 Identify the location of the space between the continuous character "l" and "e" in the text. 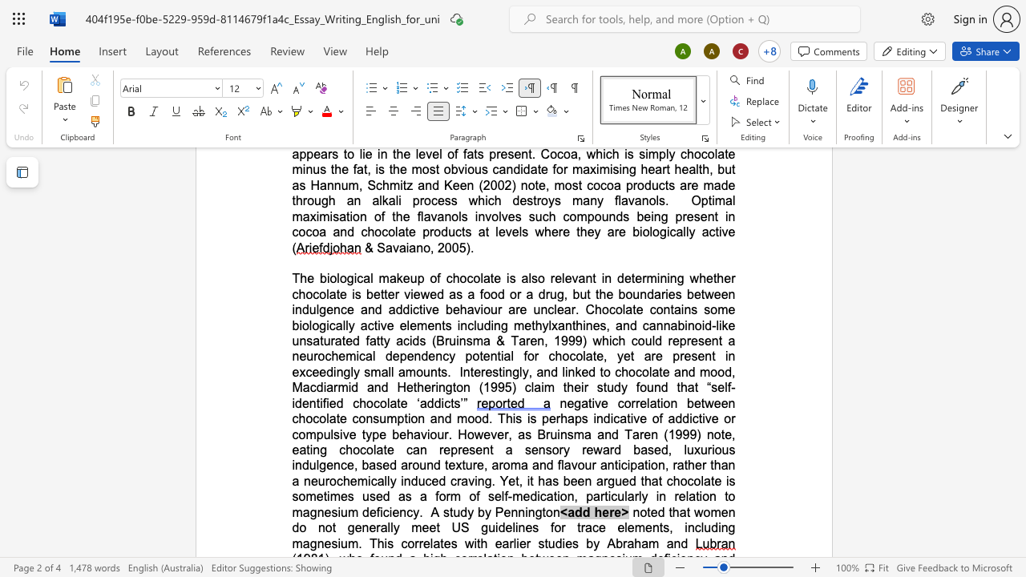
(419, 154).